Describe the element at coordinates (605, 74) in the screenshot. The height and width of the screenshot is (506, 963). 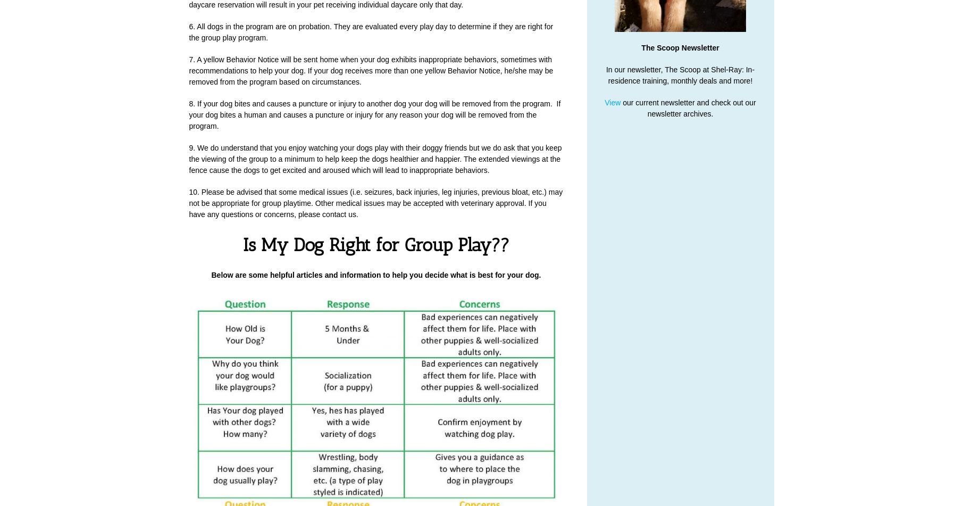
I see `'In our newsletter, The Scoop at Shel-Ray: In-residence training, monthly deals and more!'` at that location.